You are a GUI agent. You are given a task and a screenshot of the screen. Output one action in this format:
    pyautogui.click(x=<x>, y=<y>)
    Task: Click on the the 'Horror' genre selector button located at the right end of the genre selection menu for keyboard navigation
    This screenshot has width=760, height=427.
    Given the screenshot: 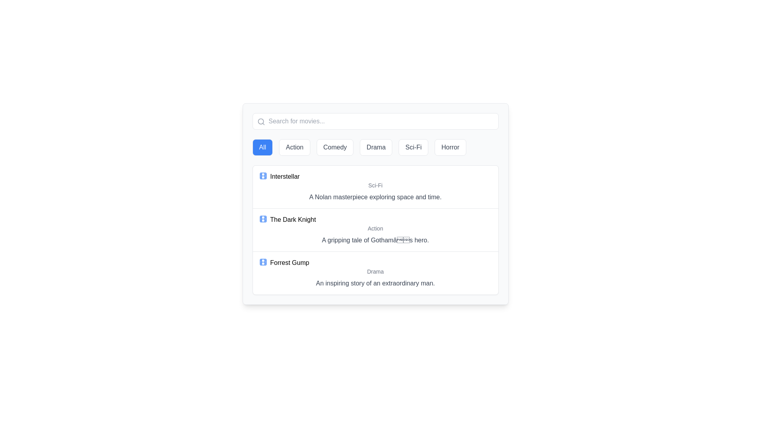 What is the action you would take?
    pyautogui.click(x=450, y=147)
    